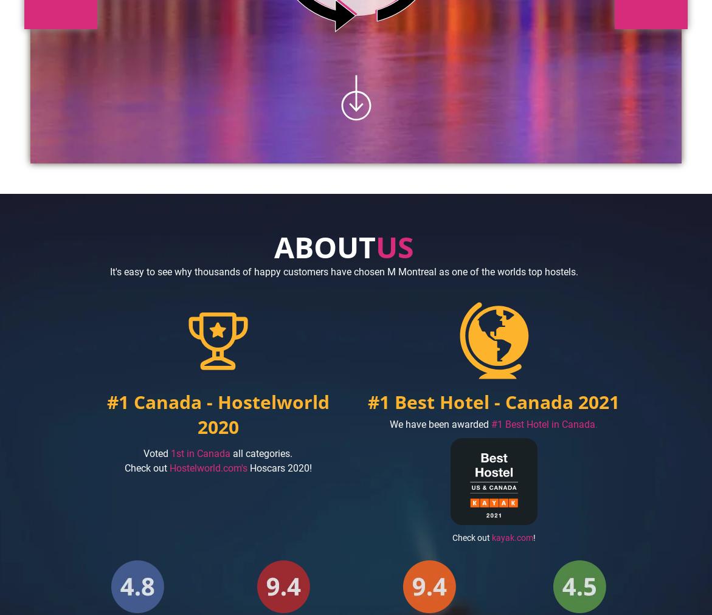 The image size is (712, 615). I want to click on ''s', so click(243, 467).